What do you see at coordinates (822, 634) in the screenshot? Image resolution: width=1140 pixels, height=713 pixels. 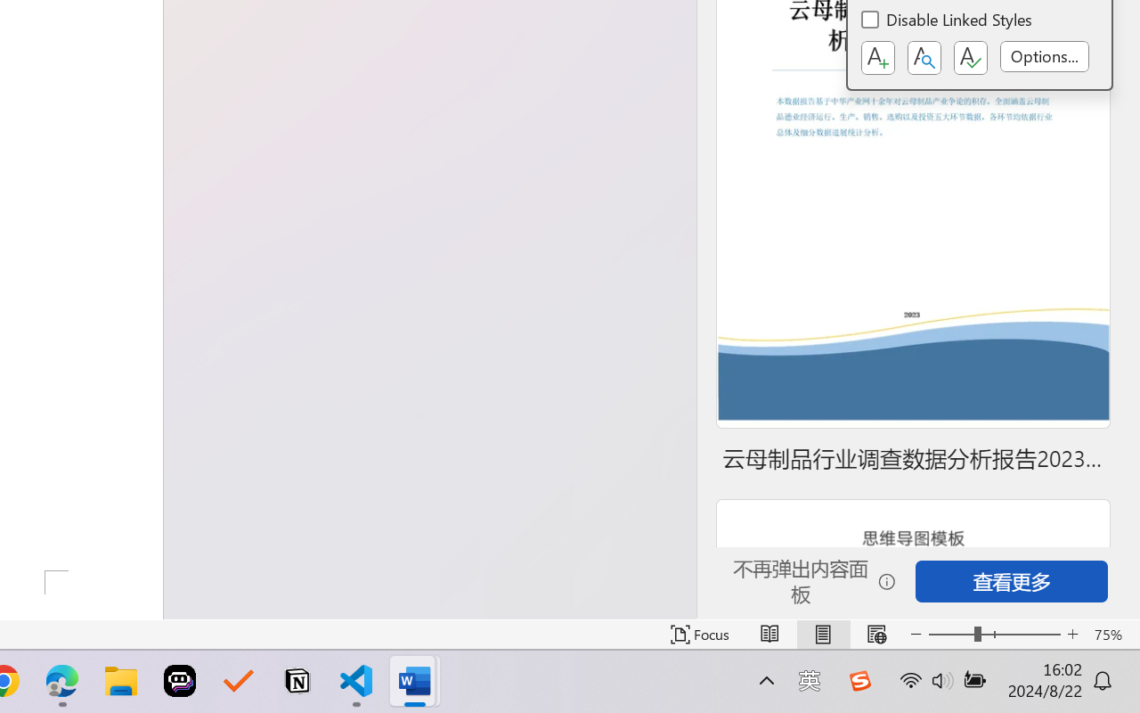 I see `'Print Layout'` at bounding box center [822, 634].